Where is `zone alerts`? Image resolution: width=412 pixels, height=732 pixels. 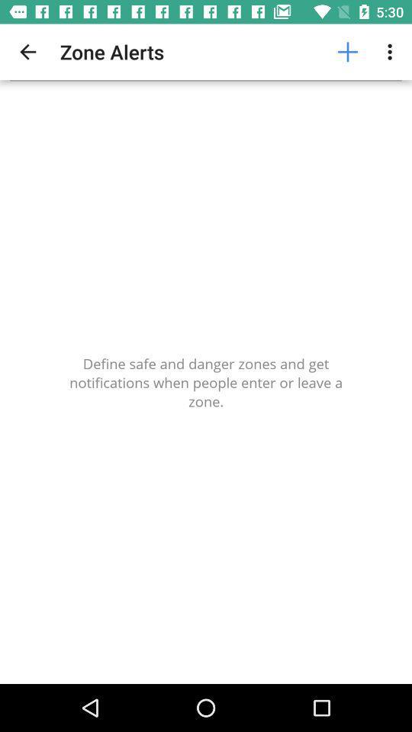 zone alerts is located at coordinates (206, 381).